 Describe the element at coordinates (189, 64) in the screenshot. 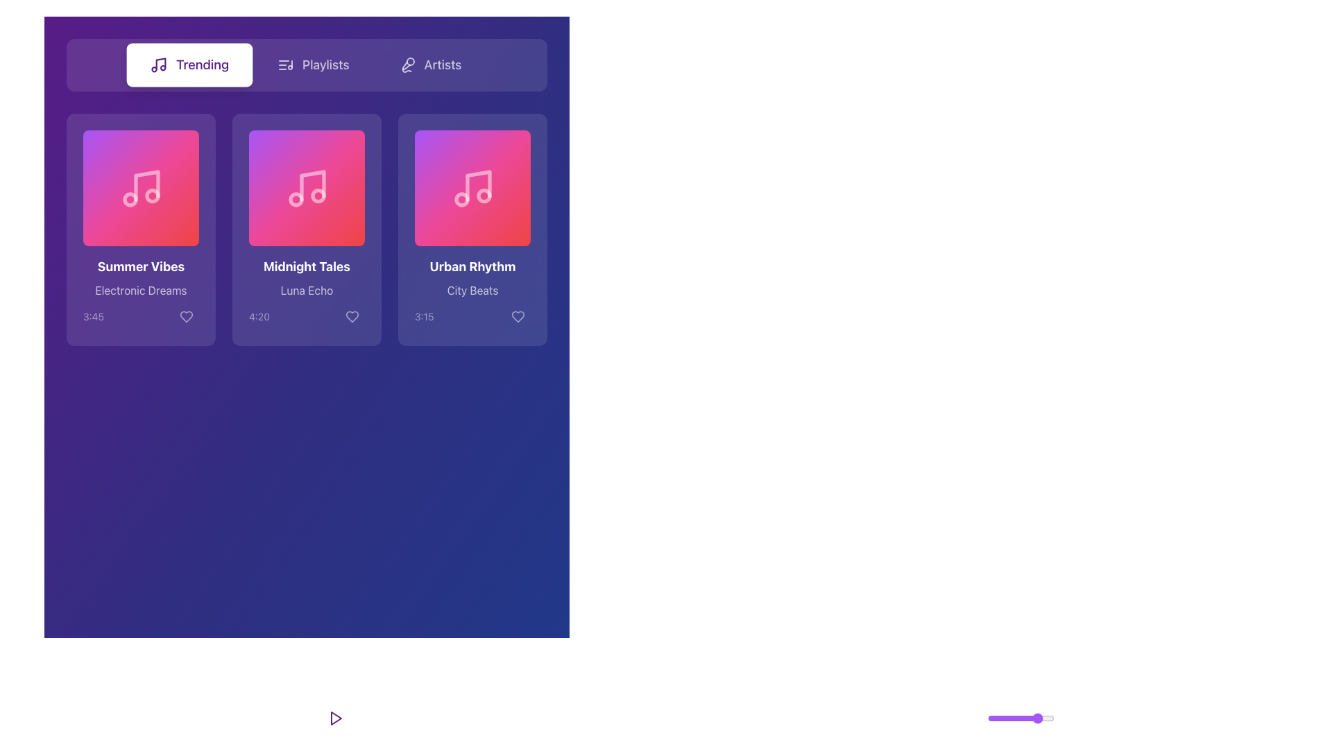

I see `the 'Trending' button with a musical note icon` at that location.